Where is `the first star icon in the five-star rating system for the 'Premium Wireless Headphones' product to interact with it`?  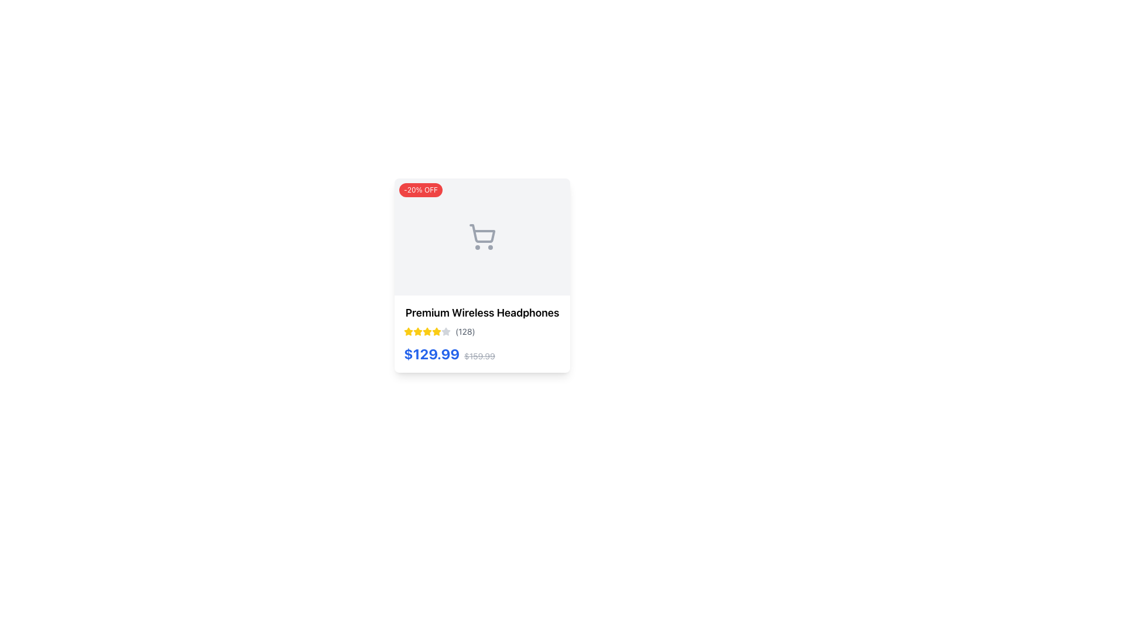
the first star icon in the five-star rating system for the 'Premium Wireless Headphones' product to interact with it is located at coordinates (408, 332).